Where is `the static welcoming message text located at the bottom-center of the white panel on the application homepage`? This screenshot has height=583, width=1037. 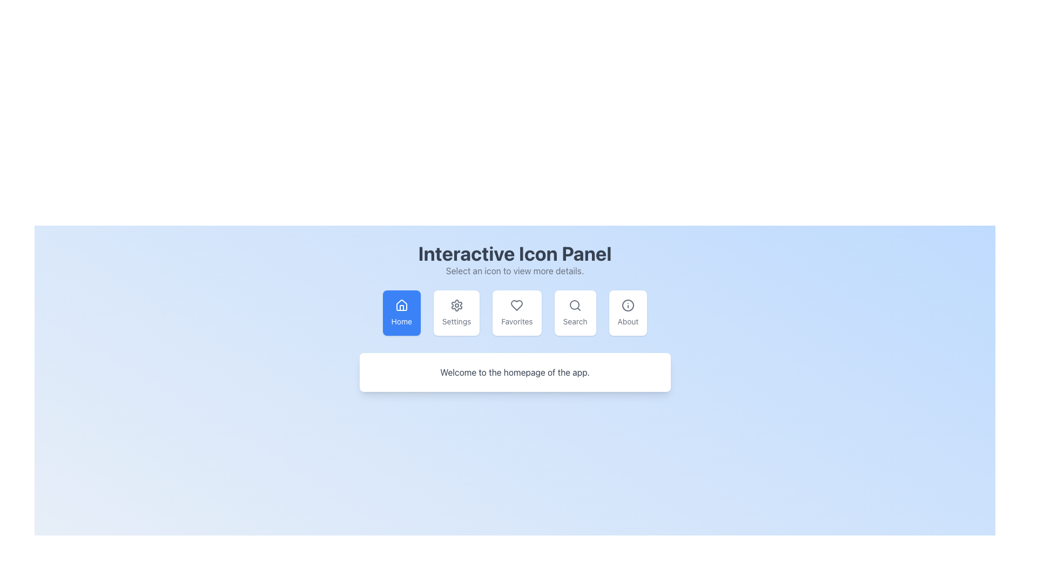 the static welcoming message text located at the bottom-center of the white panel on the application homepage is located at coordinates (514, 372).